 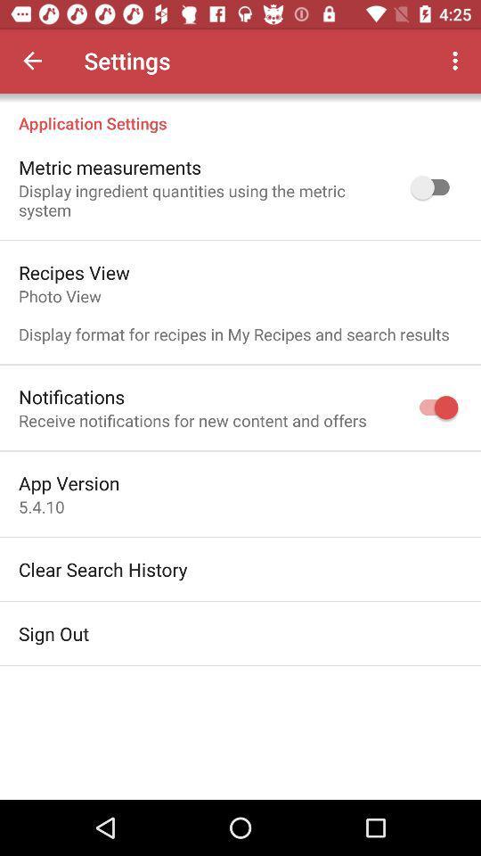 I want to click on the display ingredient quantities icon, so click(x=202, y=200).